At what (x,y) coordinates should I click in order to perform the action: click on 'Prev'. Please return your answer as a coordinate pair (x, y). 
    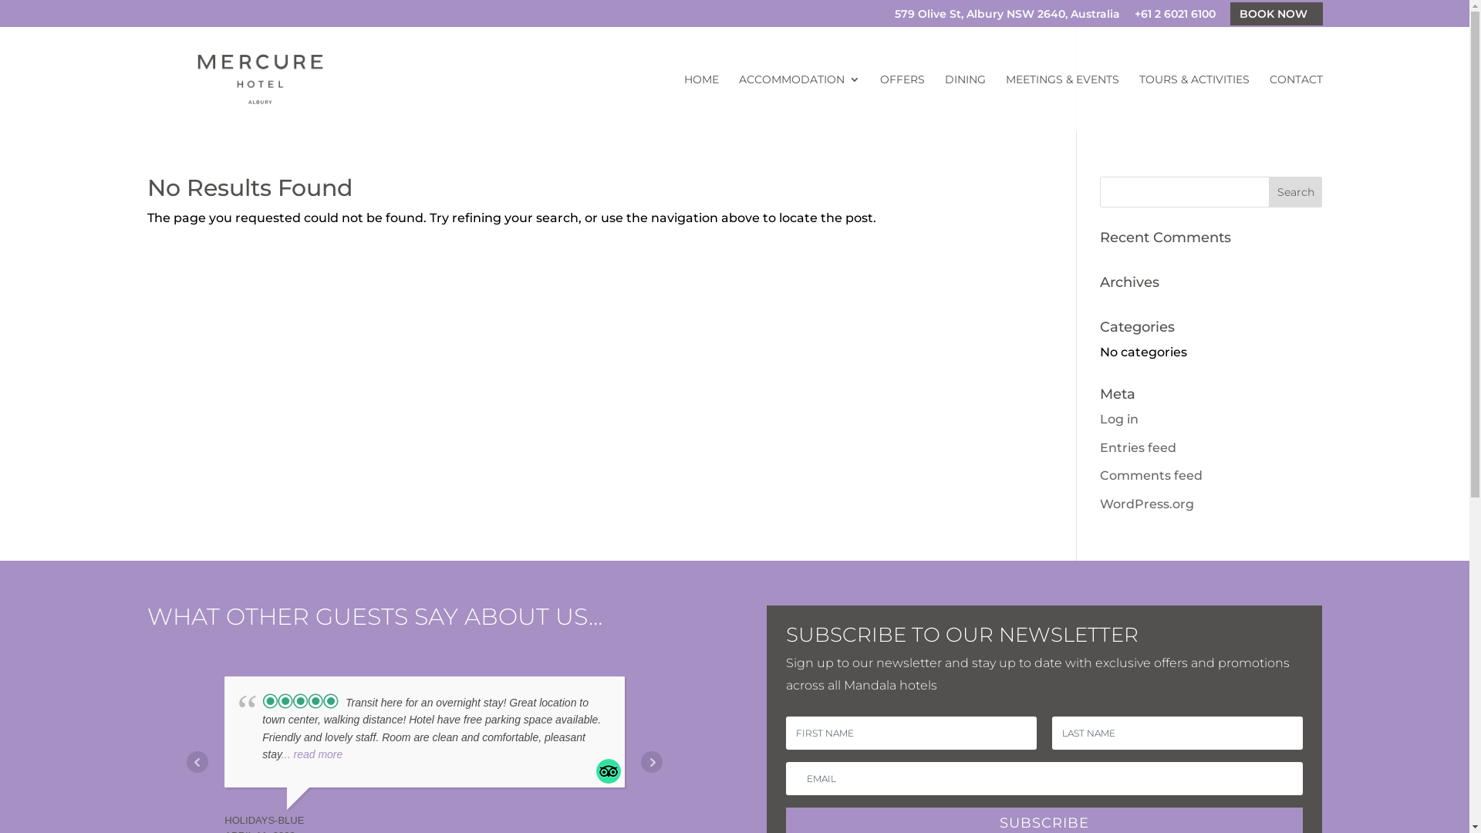
    Looking at the image, I should click on (185, 760).